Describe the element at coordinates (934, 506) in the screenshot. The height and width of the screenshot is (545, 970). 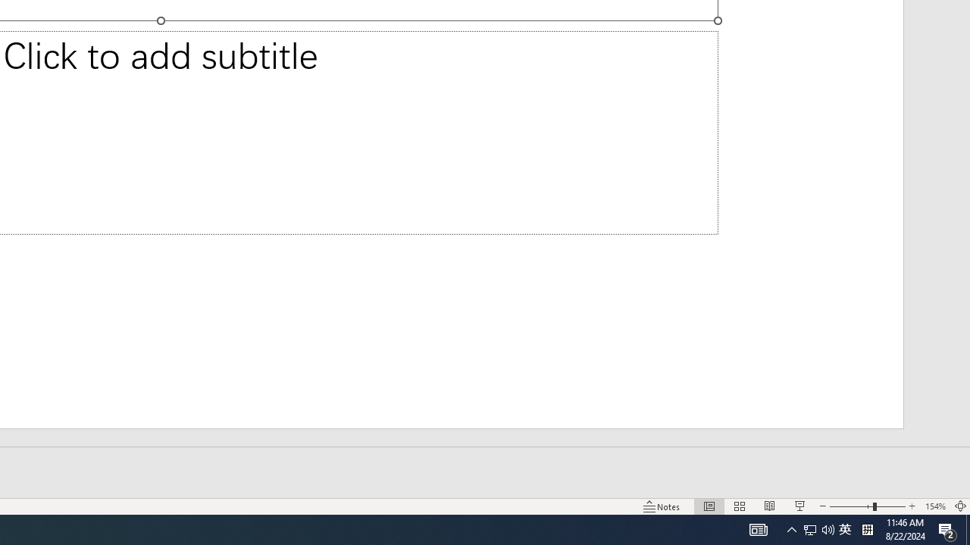
I see `'Zoom 154%'` at that location.